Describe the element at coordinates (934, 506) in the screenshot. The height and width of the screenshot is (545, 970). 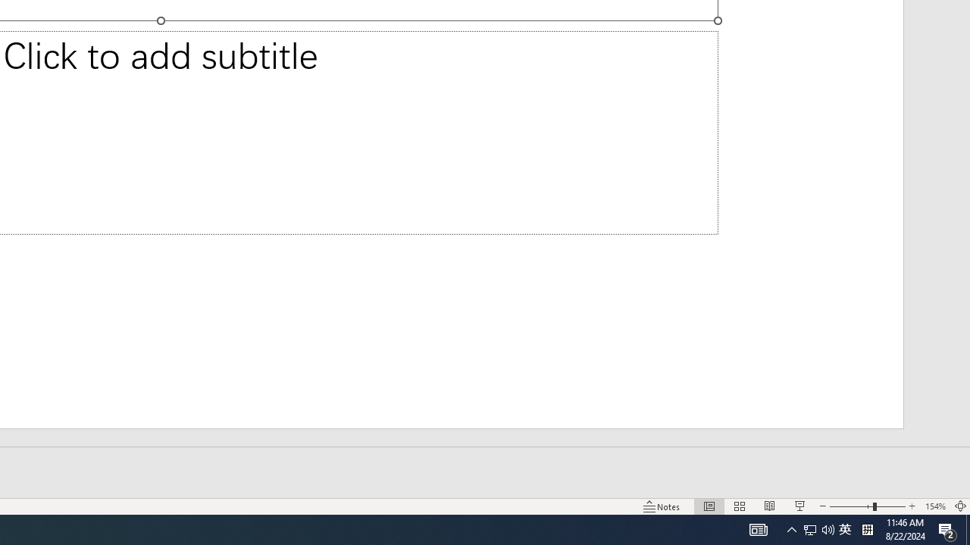
I see `'Zoom 154%'` at that location.